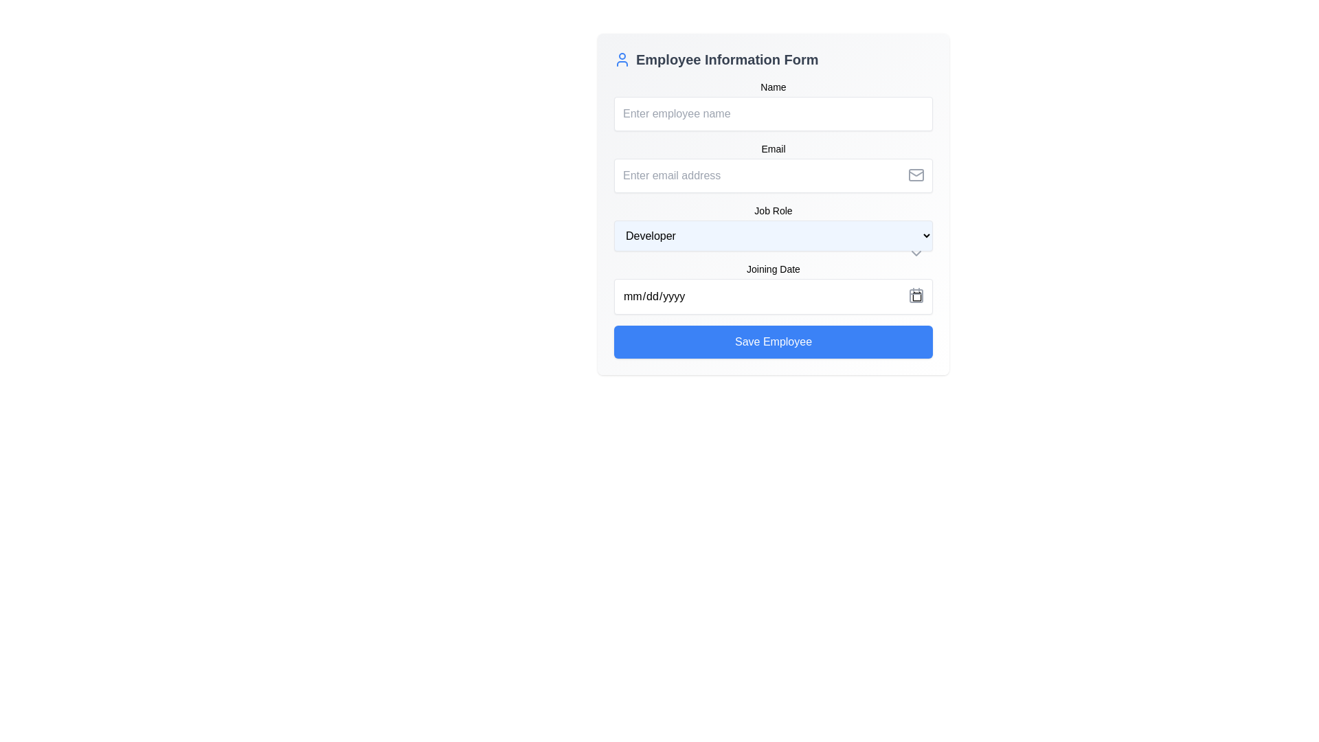 The width and height of the screenshot is (1319, 742). What do you see at coordinates (916, 254) in the screenshot?
I see `the chevron dropdown indicator icon located at the right edge of the 'Job Role' selector field in the 'Employee Information Form'` at bounding box center [916, 254].